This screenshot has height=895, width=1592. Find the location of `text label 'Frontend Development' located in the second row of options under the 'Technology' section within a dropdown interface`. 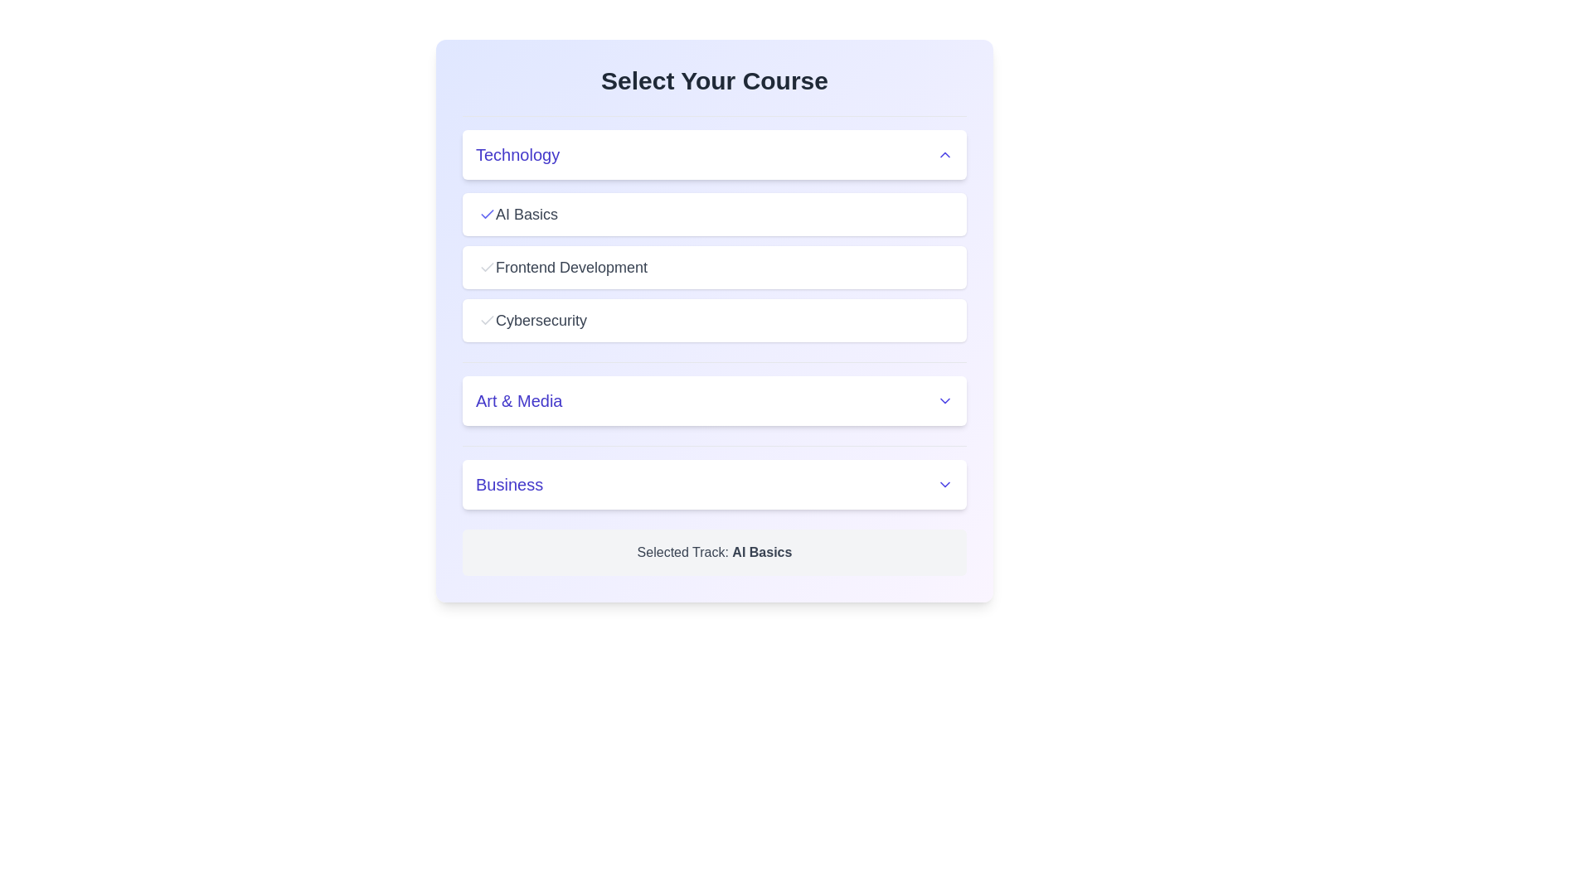

text label 'Frontend Development' located in the second row of options under the 'Technology' section within a dropdown interface is located at coordinates (571, 267).